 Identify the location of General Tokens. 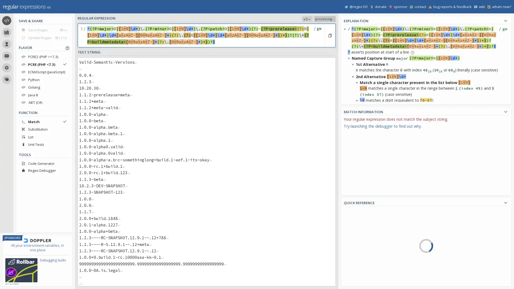
(369, 237).